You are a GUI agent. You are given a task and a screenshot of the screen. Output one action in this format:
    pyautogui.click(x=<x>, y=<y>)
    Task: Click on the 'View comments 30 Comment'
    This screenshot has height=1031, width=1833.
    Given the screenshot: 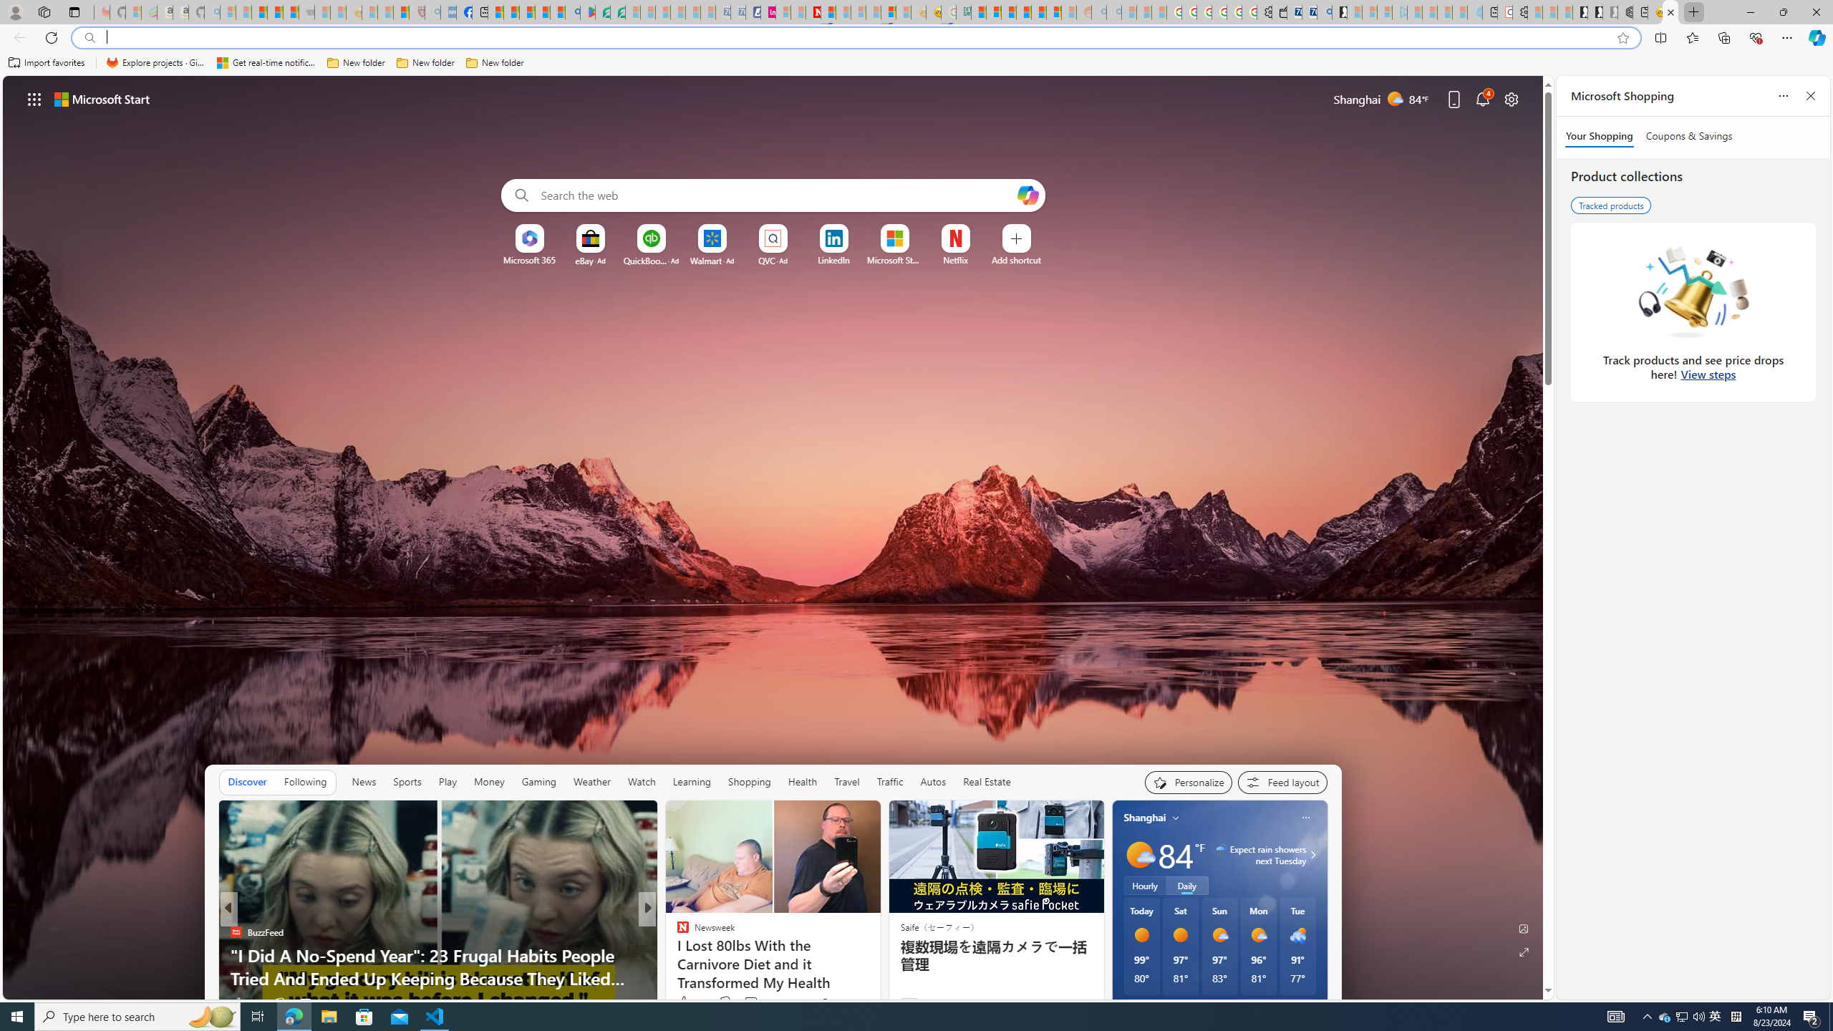 What is the action you would take?
    pyautogui.click(x=745, y=1003)
    